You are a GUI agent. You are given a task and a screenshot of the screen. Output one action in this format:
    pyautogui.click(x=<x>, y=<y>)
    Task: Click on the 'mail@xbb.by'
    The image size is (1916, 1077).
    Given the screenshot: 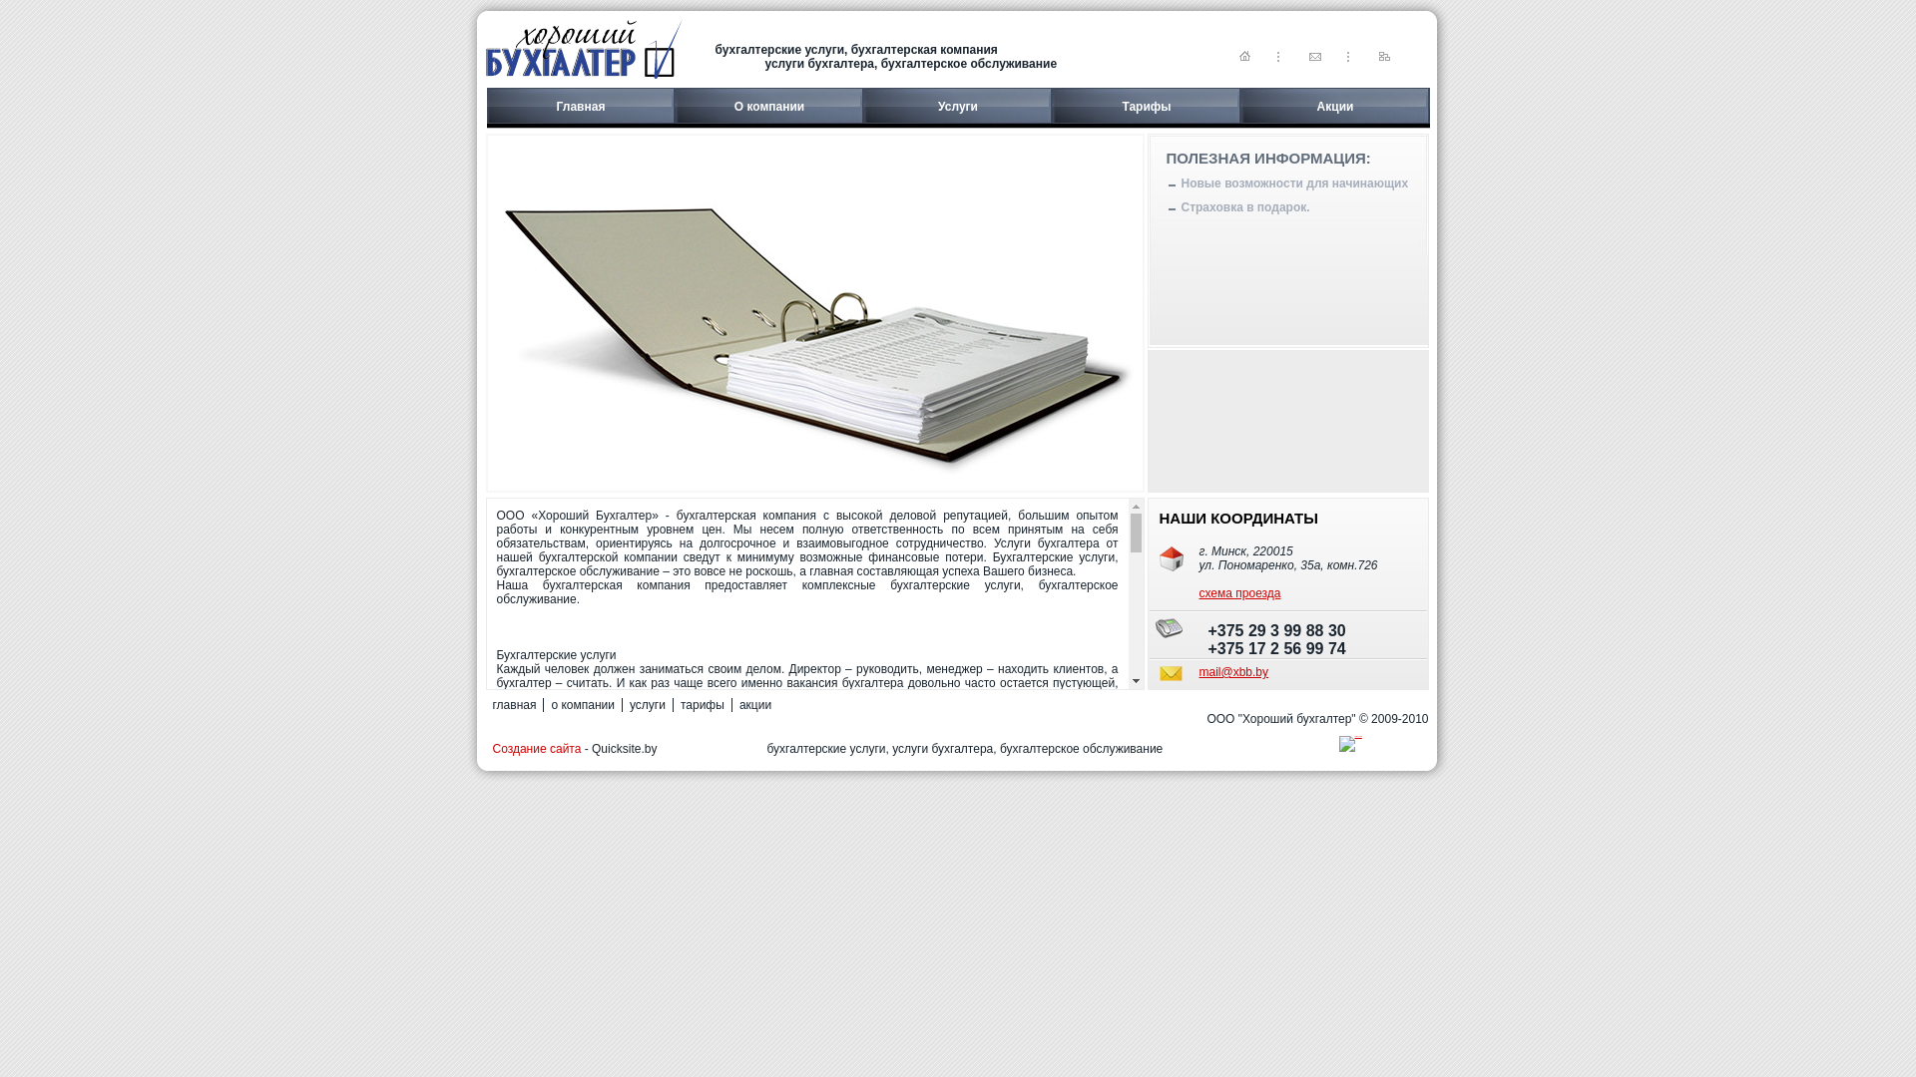 What is the action you would take?
    pyautogui.click(x=1197, y=672)
    